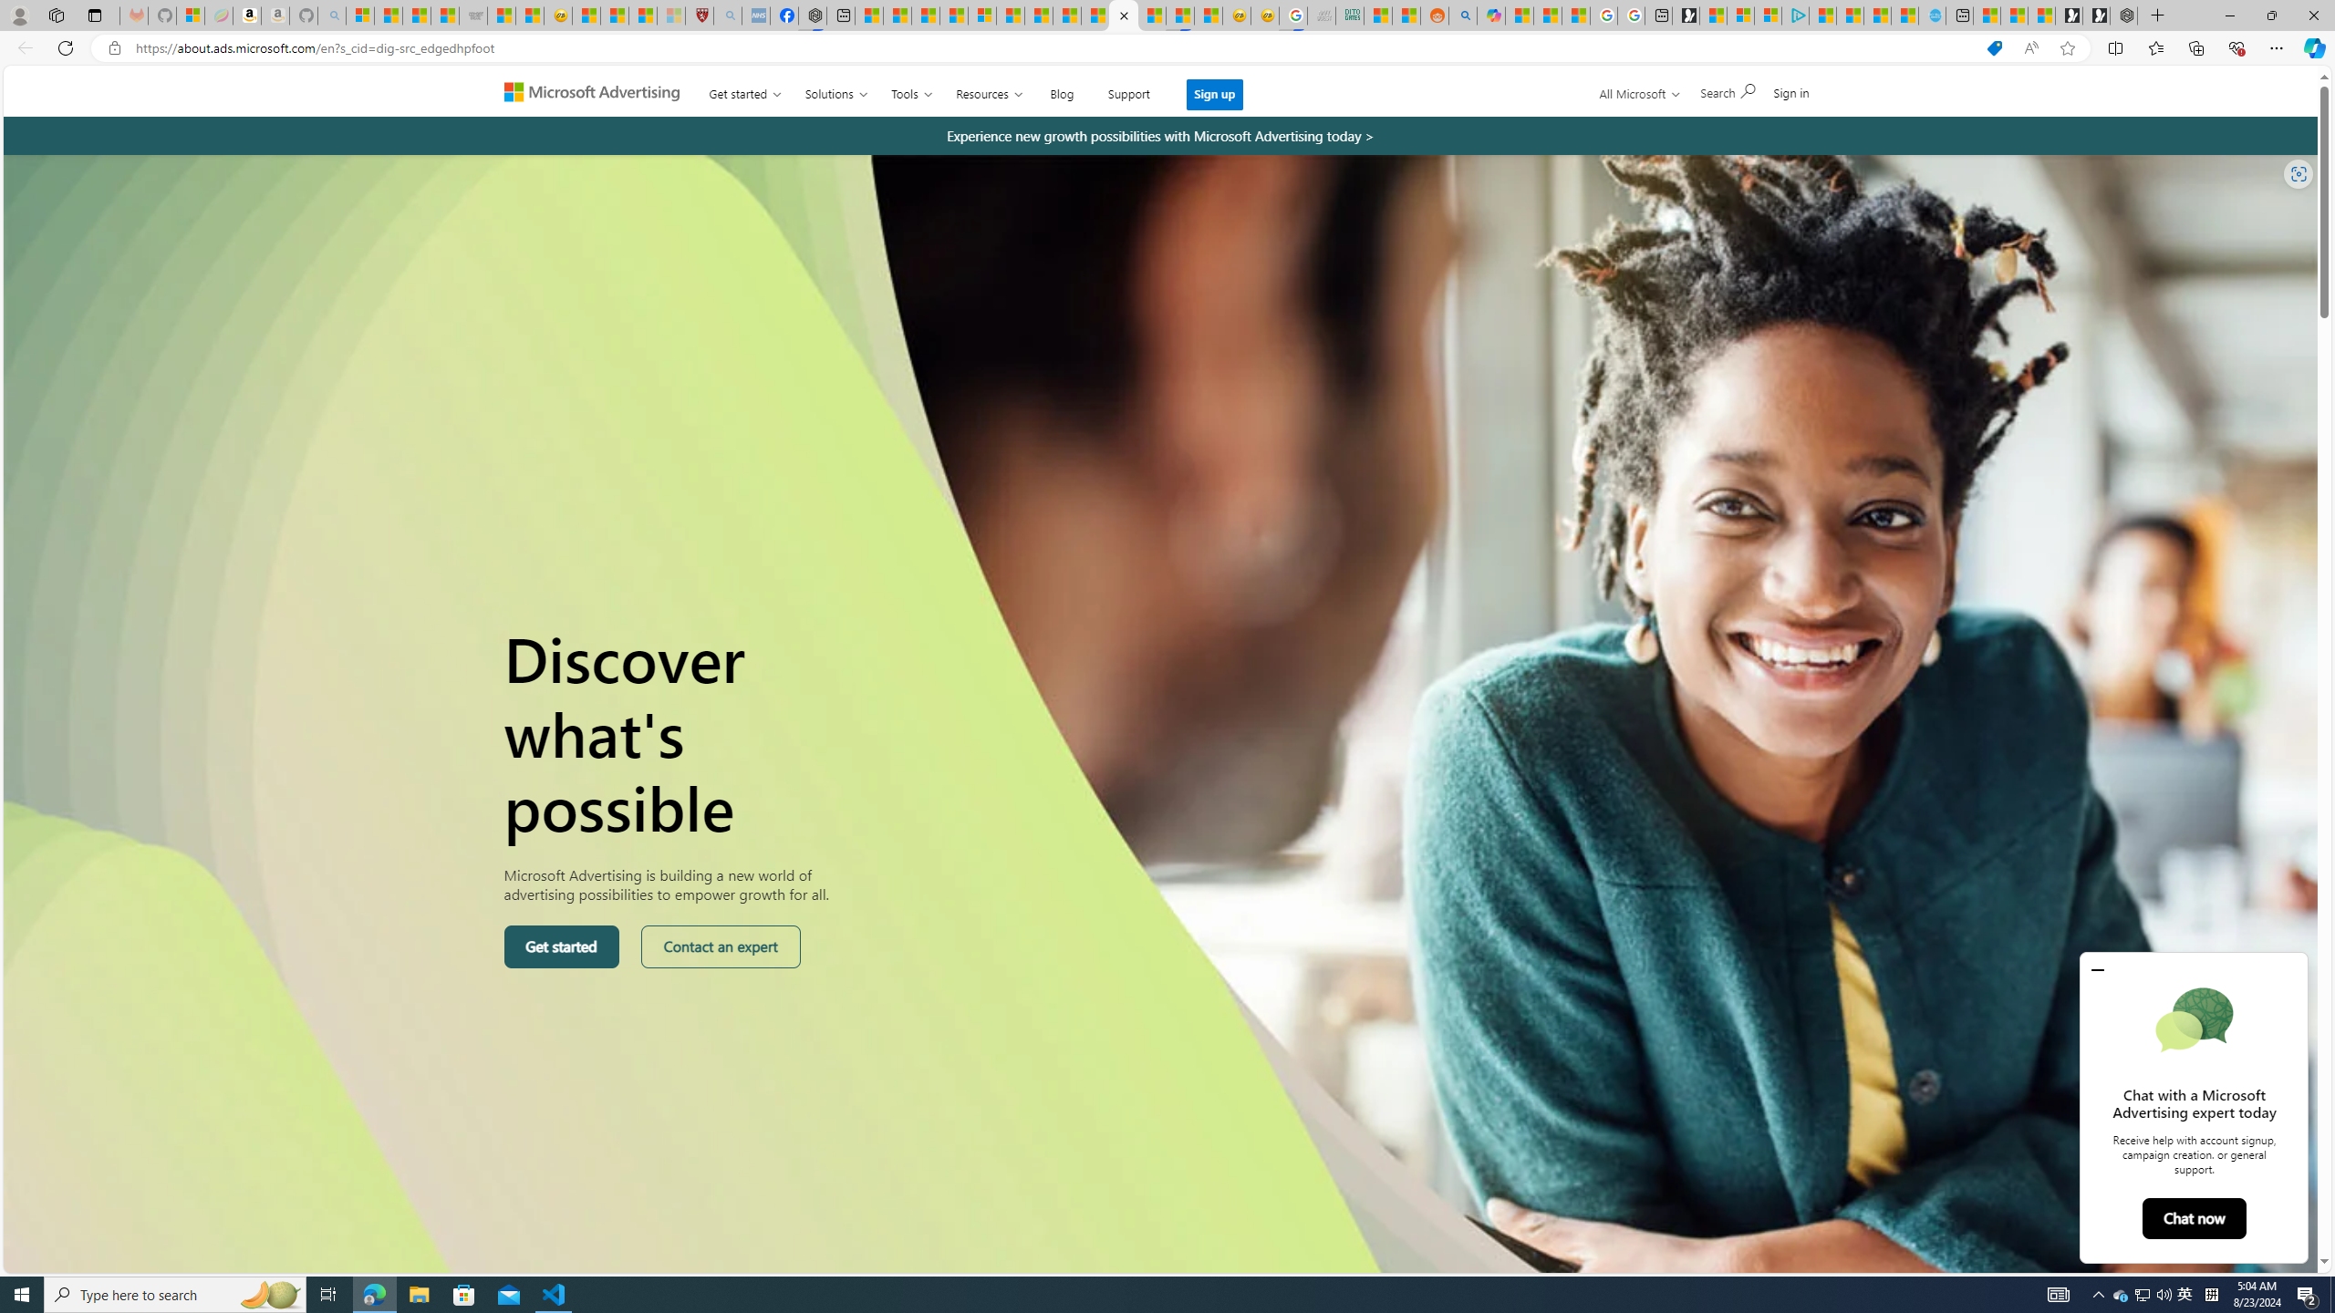 The image size is (2335, 1313). I want to click on 'Combat Siege', so click(472, 15).